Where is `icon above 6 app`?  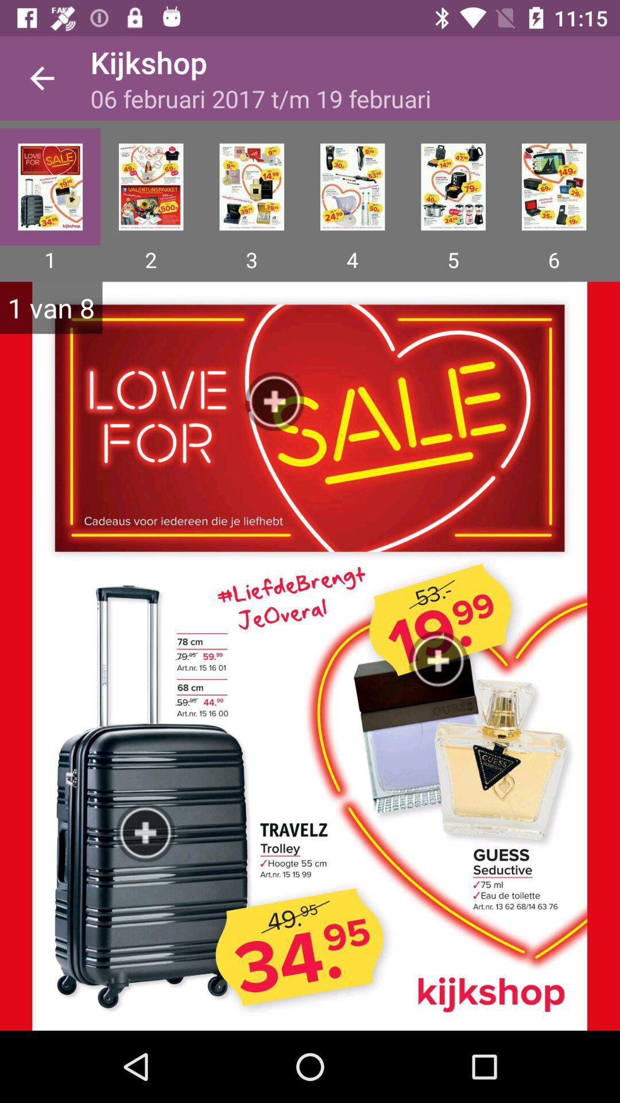
icon above 6 app is located at coordinates (553, 187).